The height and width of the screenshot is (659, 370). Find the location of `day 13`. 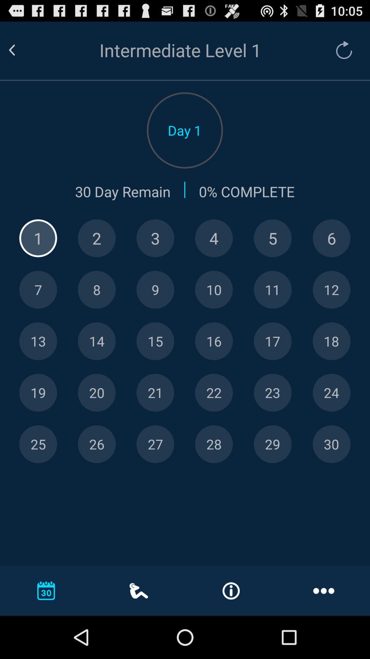

day 13 is located at coordinates (38, 341).